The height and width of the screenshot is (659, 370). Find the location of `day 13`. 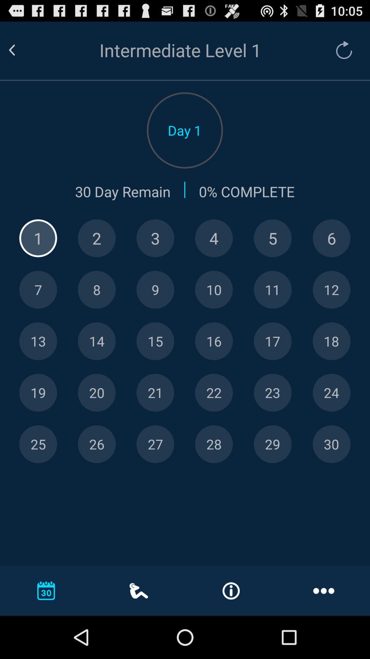

day 13 is located at coordinates (38, 341).